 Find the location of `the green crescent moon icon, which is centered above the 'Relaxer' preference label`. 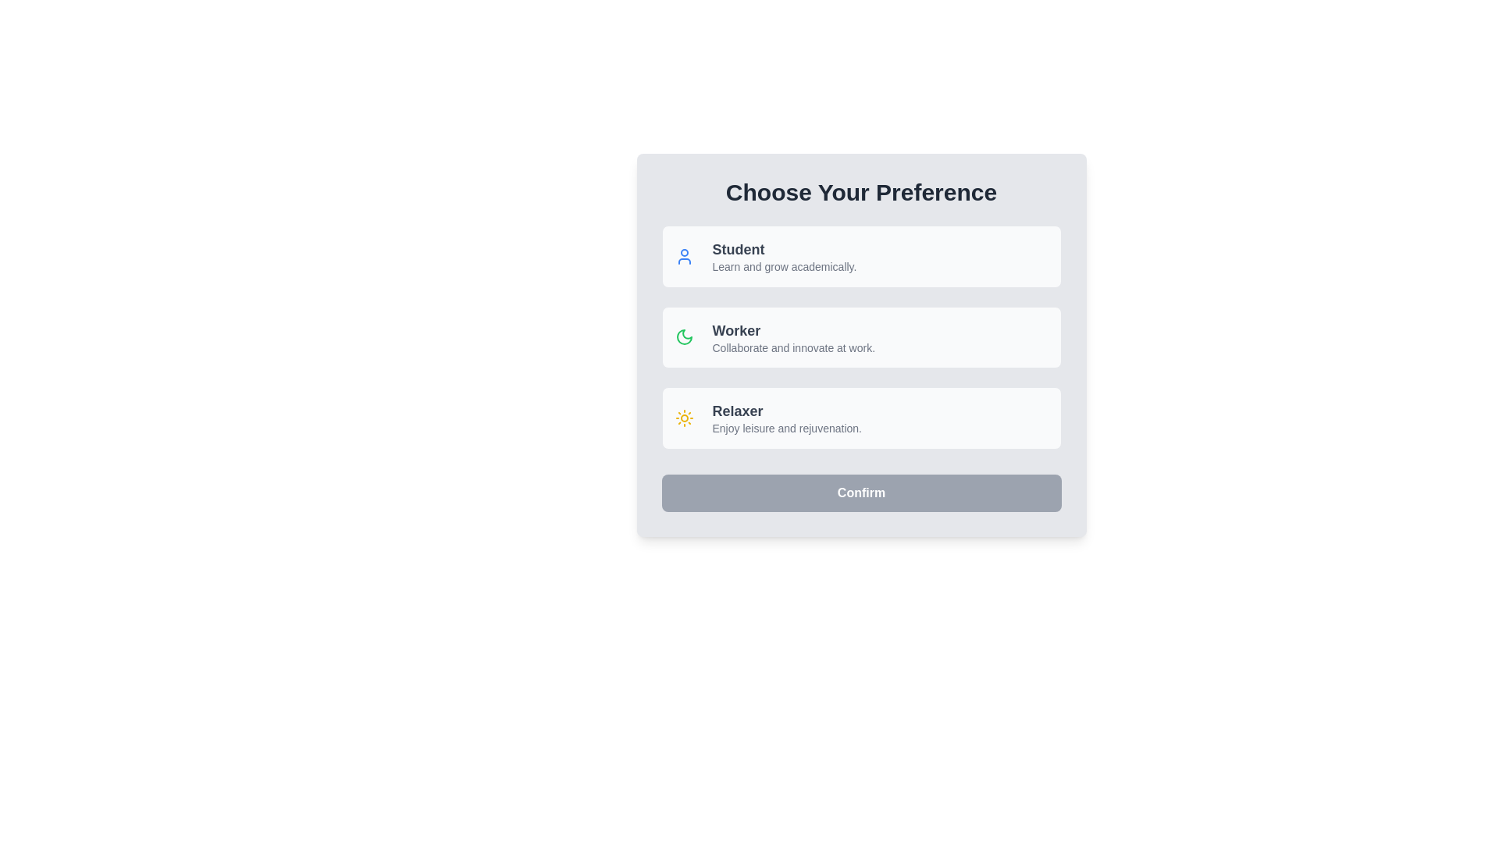

the green crescent moon icon, which is centered above the 'Relaxer' preference label is located at coordinates (684, 336).